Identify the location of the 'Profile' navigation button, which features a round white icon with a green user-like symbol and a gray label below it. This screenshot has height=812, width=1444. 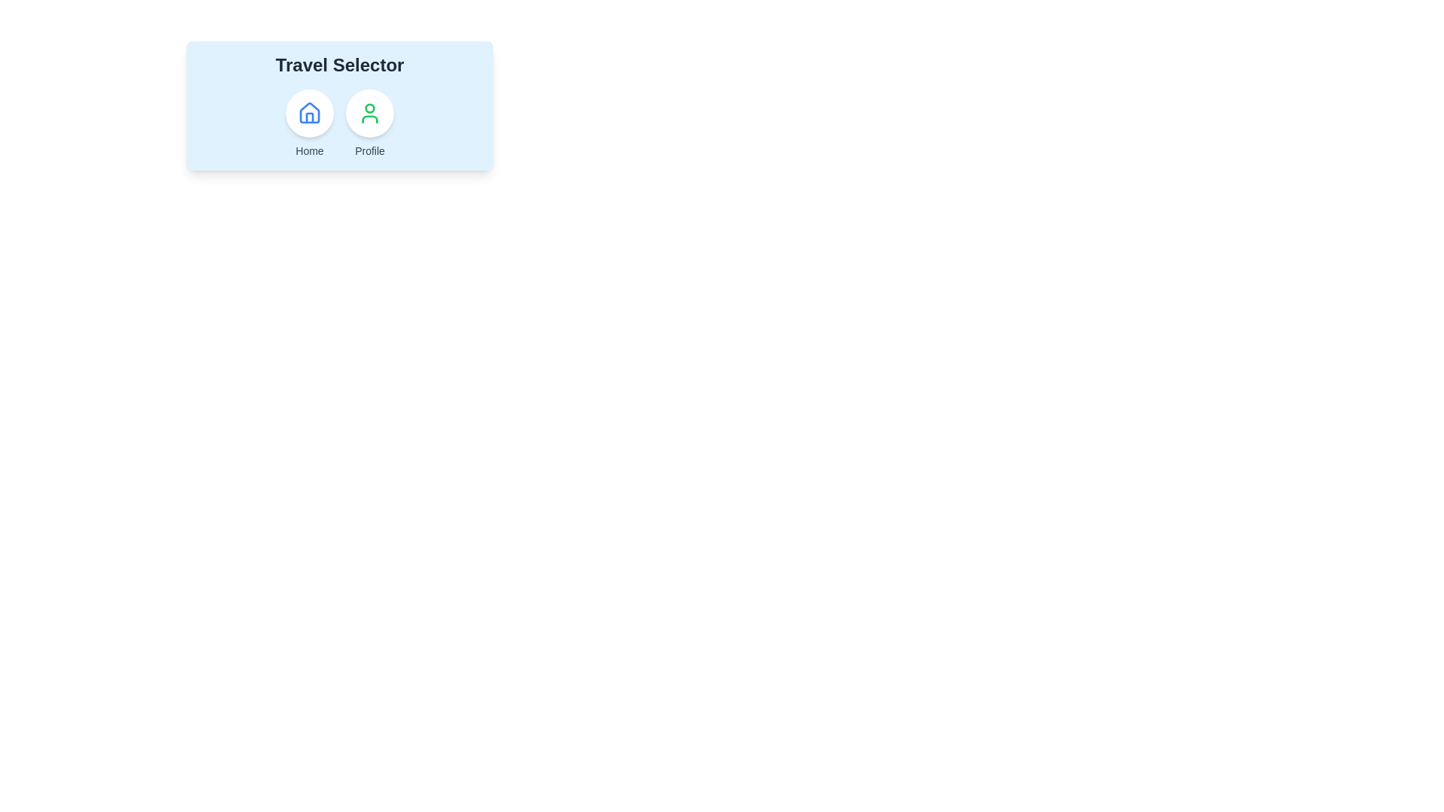
(369, 123).